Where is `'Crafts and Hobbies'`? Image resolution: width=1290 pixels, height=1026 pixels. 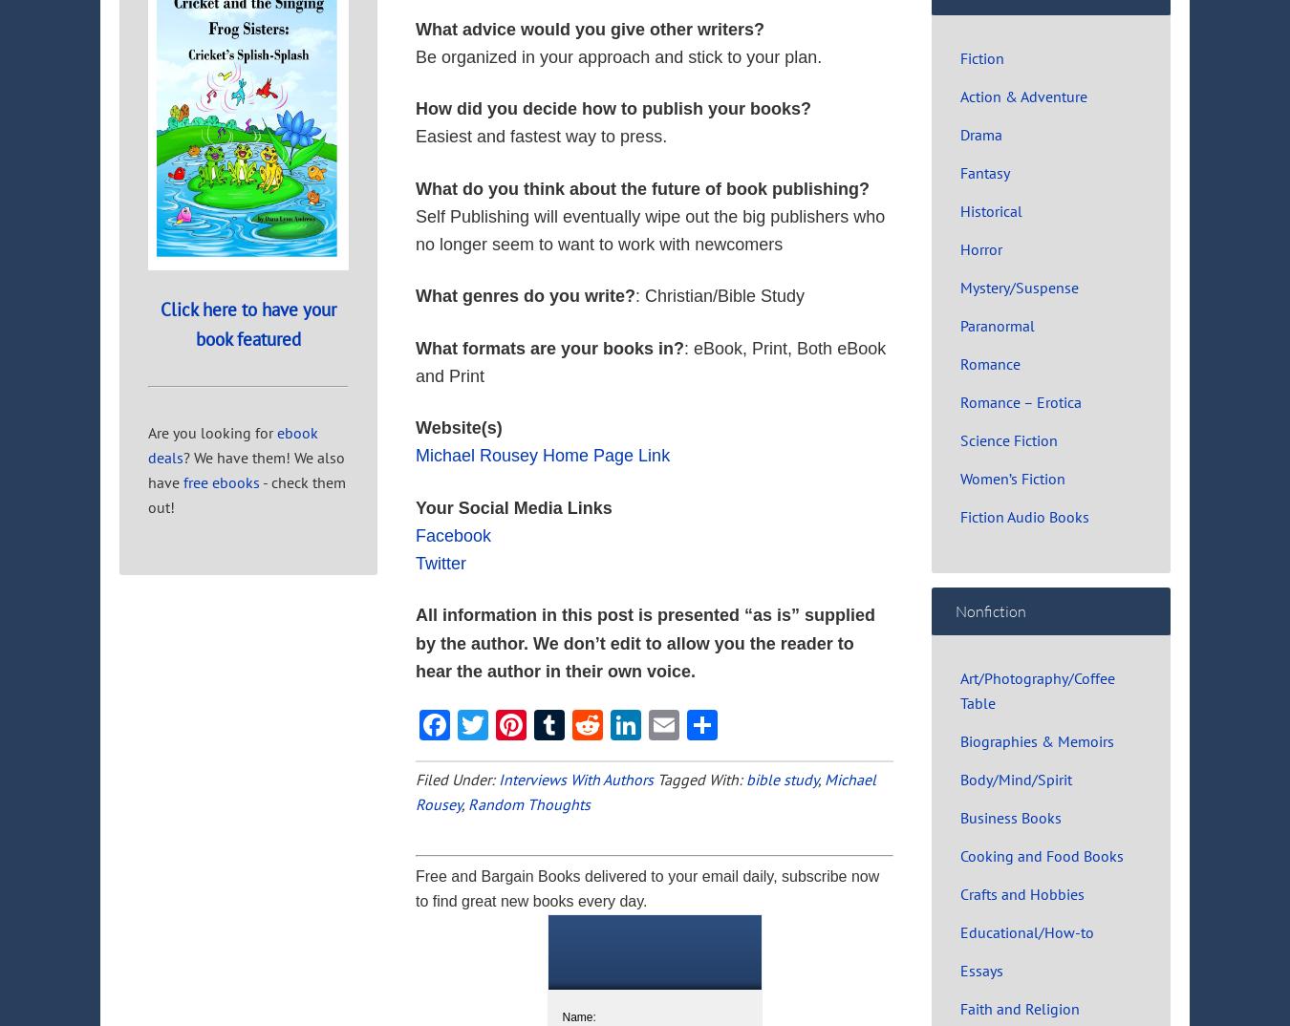
'Crafts and Hobbies' is located at coordinates (1022, 893).